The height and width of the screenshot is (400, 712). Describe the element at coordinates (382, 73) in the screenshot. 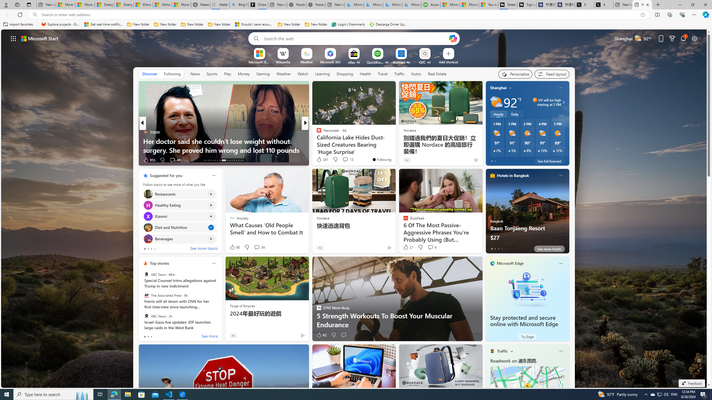

I see `'Travel'` at that location.